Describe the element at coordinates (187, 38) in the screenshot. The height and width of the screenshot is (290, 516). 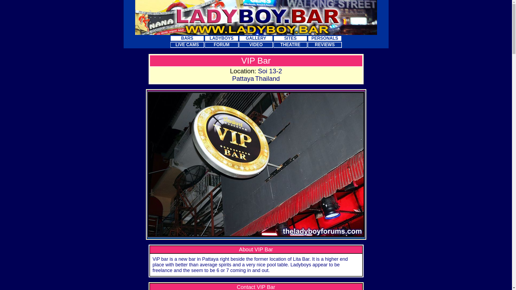
I see `'BARS'` at that location.